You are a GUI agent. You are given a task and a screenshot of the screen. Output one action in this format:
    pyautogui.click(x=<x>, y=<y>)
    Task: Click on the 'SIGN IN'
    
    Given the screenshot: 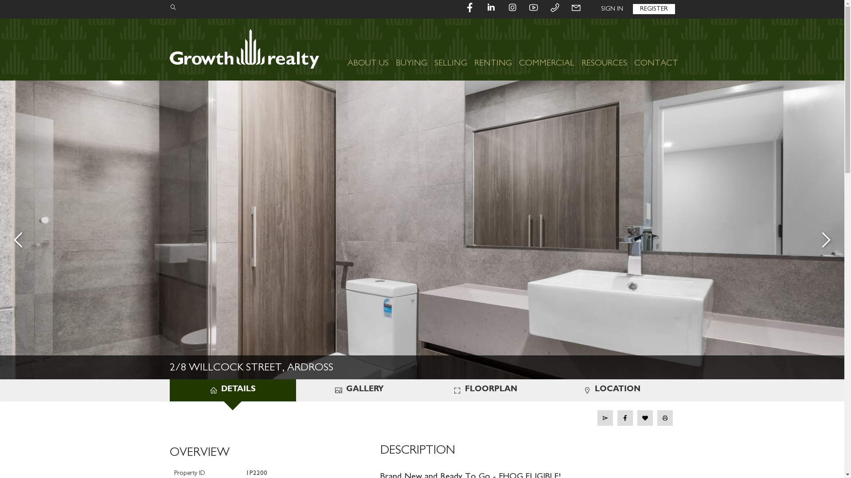 What is the action you would take?
    pyautogui.click(x=612, y=9)
    